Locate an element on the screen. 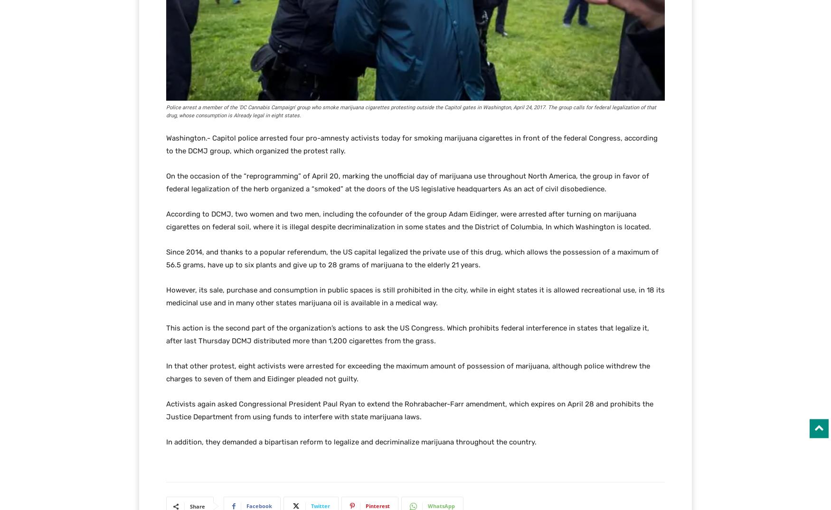  'According to DCMJ, two women and two men, including the cofounder of the group Adam Eidinger, were arrested after turning on marijuana cigarettes on federal soil, where it is illegal despite decriminalization in some states and the District of Columbia, In which Washington is located.' is located at coordinates (166, 220).